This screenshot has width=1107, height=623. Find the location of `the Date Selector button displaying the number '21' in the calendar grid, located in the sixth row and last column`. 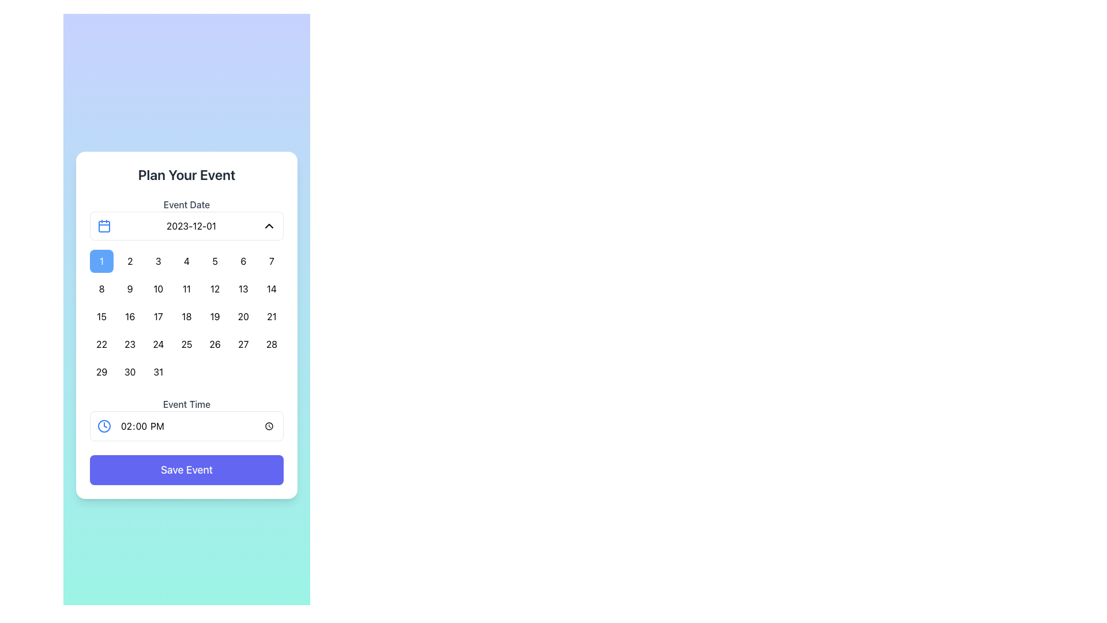

the Date Selector button displaying the number '21' in the calendar grid, located in the sixth row and last column is located at coordinates (271, 316).